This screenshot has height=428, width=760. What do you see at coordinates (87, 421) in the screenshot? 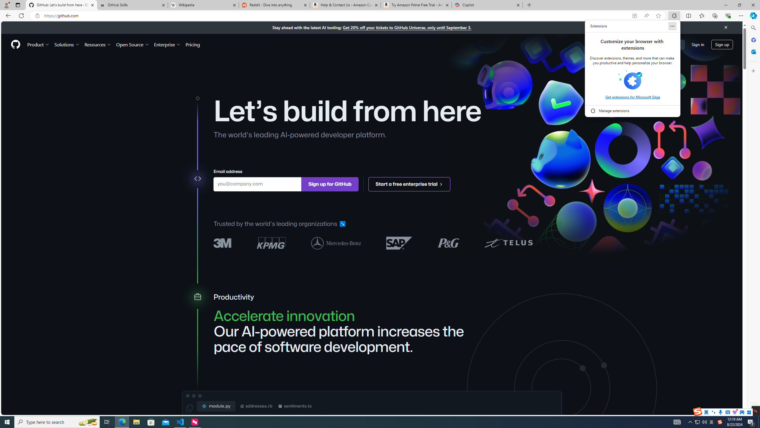
I see `'Search highlights icon opens search home window'` at bounding box center [87, 421].